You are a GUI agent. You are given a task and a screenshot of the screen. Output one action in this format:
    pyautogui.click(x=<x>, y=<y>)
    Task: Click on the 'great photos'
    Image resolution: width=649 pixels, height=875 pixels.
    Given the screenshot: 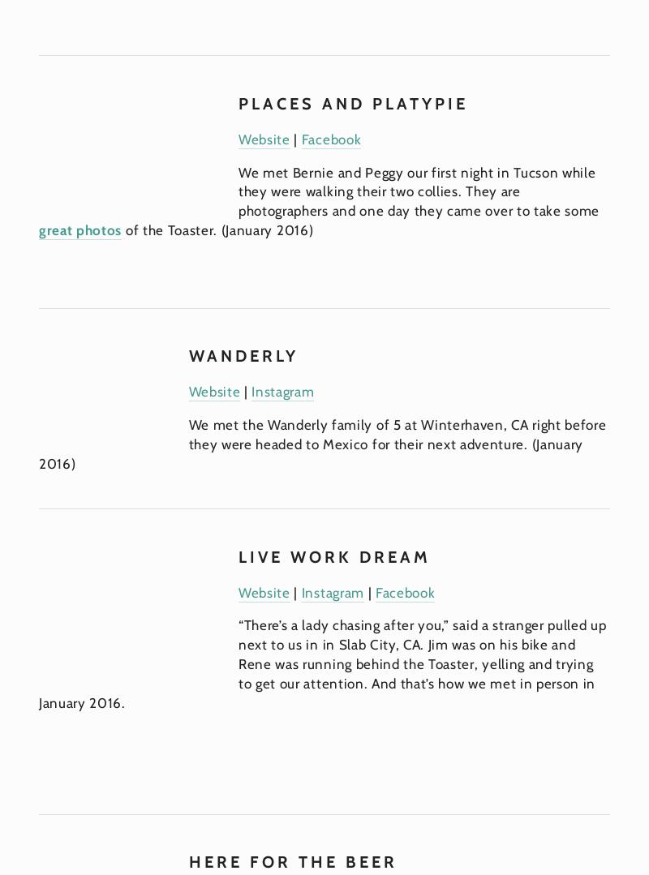 What is the action you would take?
    pyautogui.click(x=80, y=229)
    